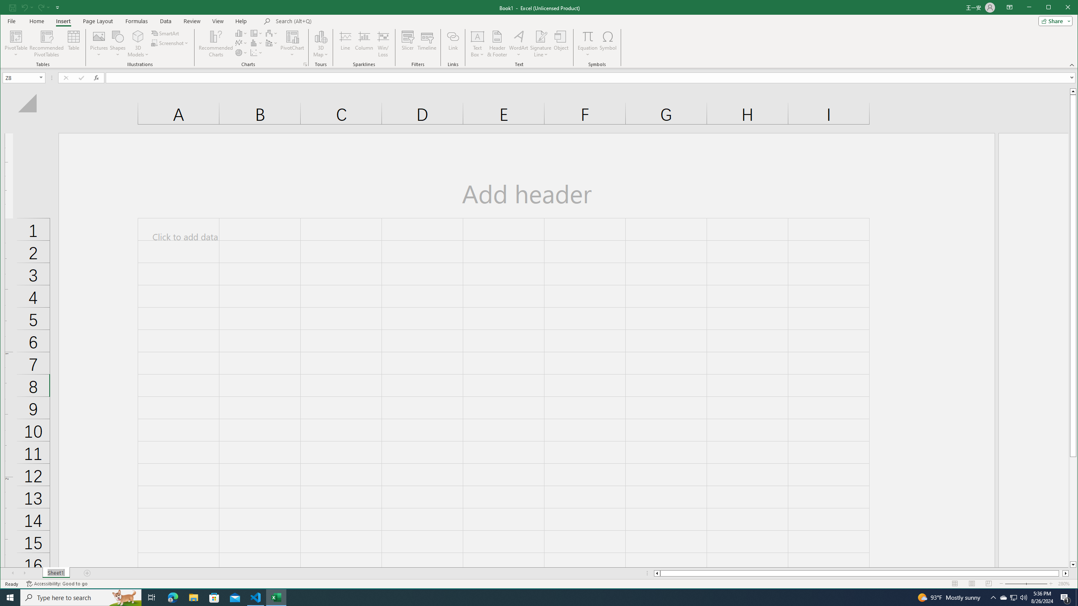 The image size is (1078, 606). I want to click on 'Slicer...', so click(407, 43).